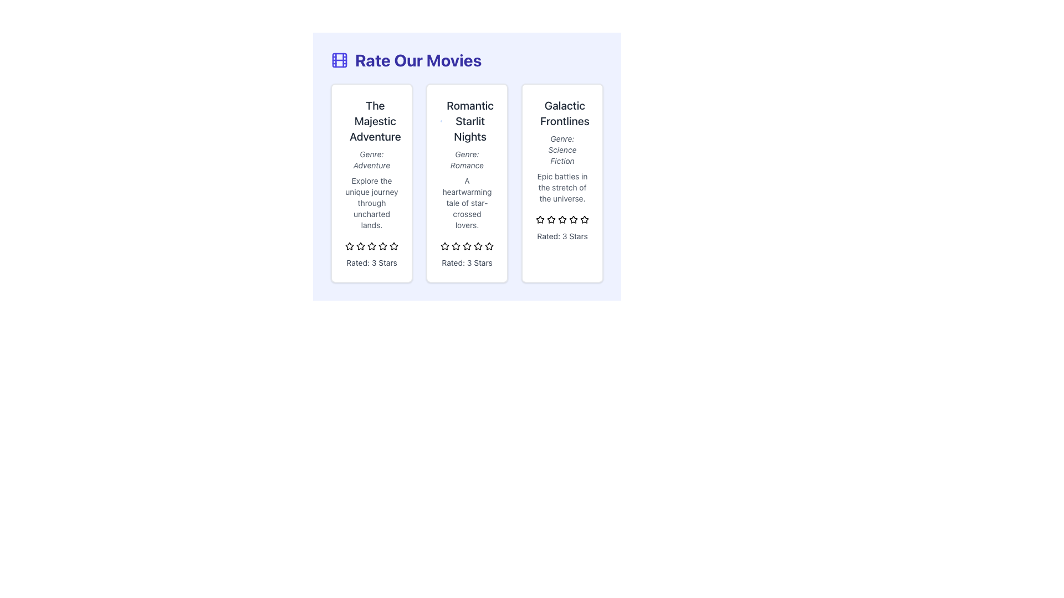 The height and width of the screenshot is (598, 1064). I want to click on the fifth star in the rating section under the title 'Galactic Frontlines', so click(584, 219).